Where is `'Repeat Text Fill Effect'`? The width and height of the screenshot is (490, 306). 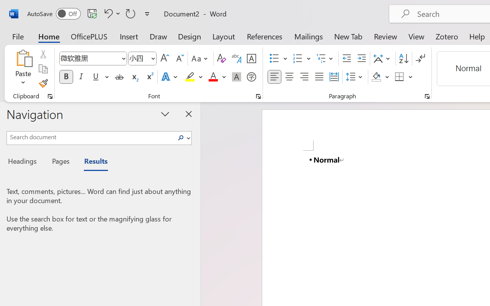
'Repeat Text Fill Effect' is located at coordinates (131, 13).